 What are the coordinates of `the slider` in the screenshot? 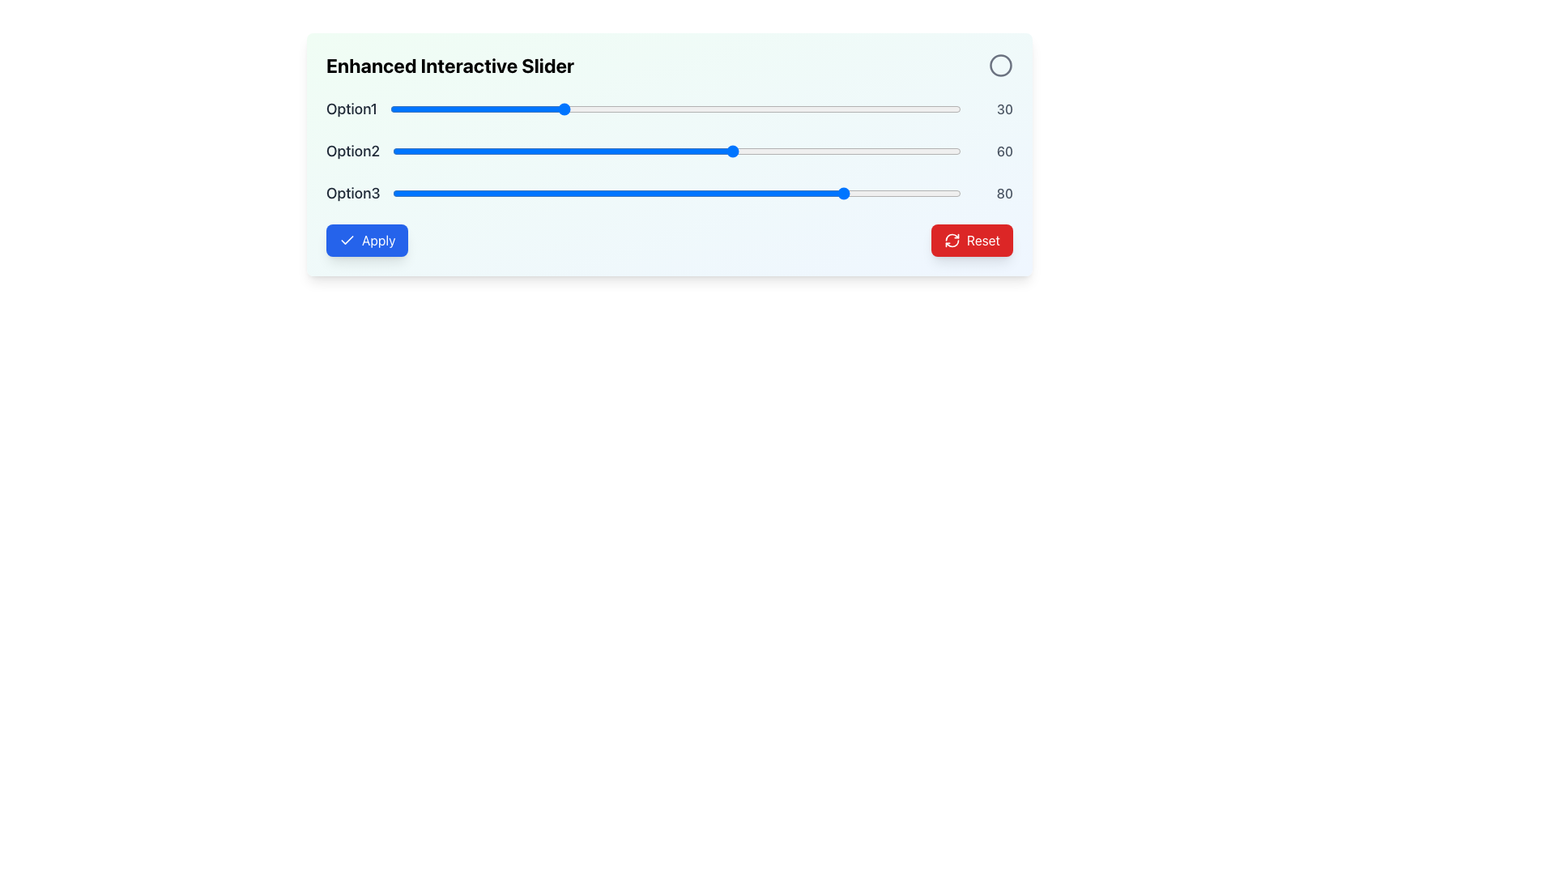 It's located at (846, 193).